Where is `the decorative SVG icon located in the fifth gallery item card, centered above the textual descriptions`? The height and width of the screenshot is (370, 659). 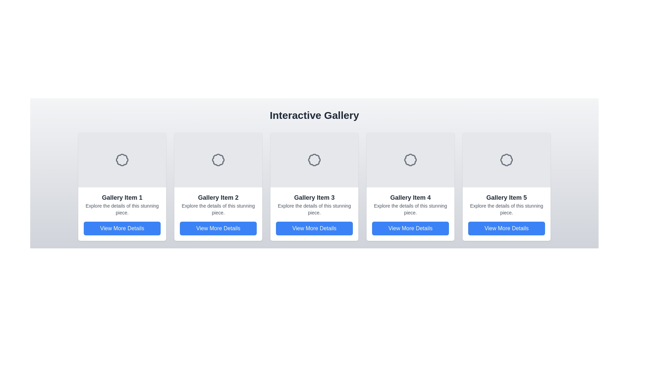
the decorative SVG icon located in the fifth gallery item card, centered above the textual descriptions is located at coordinates (507, 160).